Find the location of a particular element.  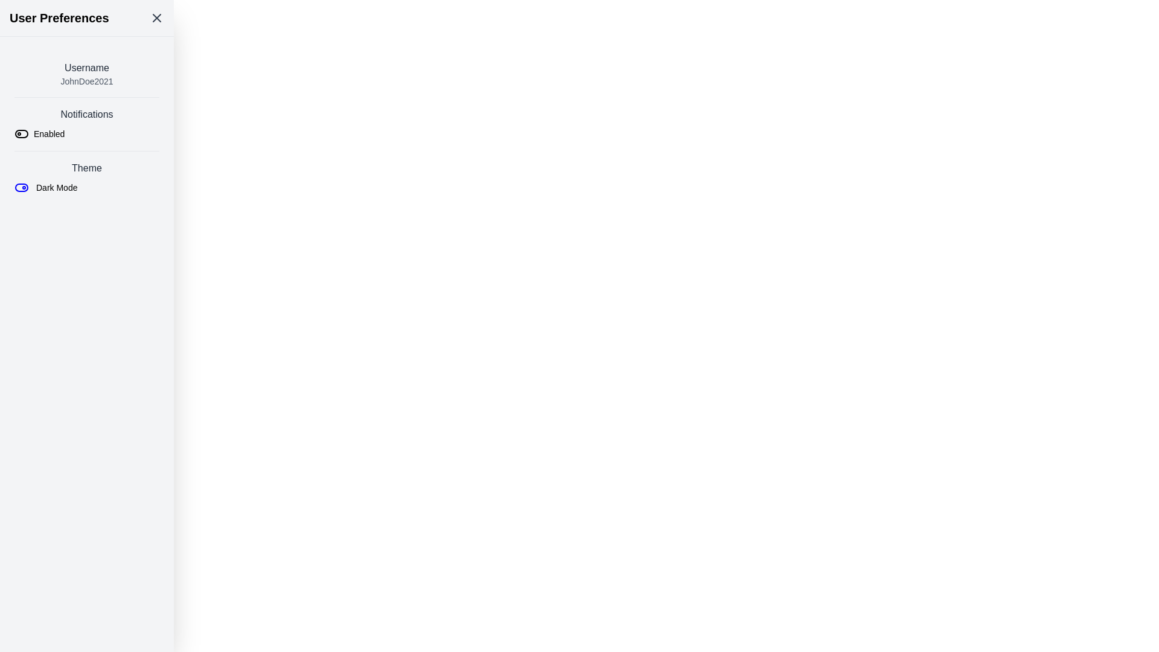

the 'X' icon in the upper right corner of the 'User Preferences' header is located at coordinates (156, 18).